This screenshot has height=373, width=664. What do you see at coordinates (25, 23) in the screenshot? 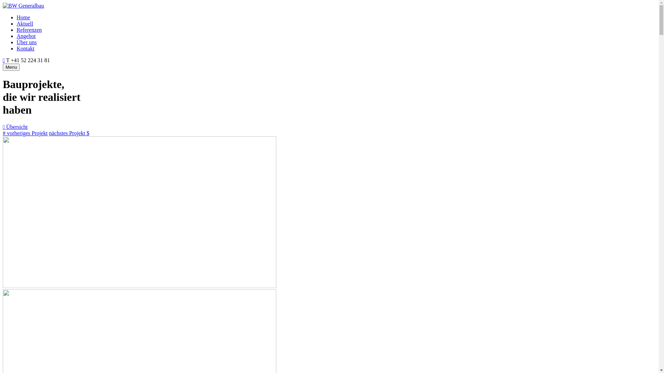
I see `'Aktuell'` at bounding box center [25, 23].